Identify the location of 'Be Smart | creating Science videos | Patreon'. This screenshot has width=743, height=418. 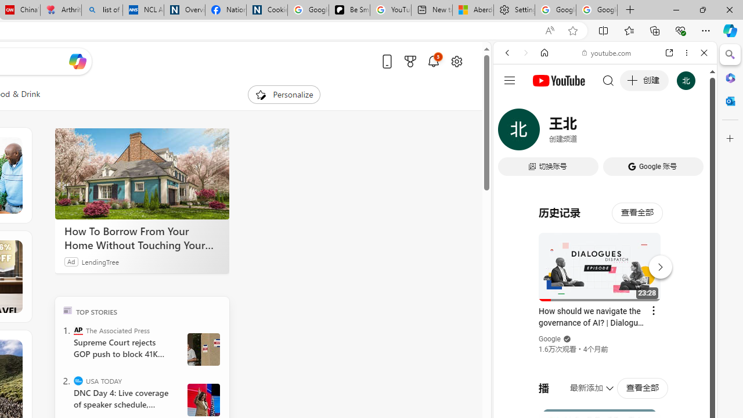
(349, 10).